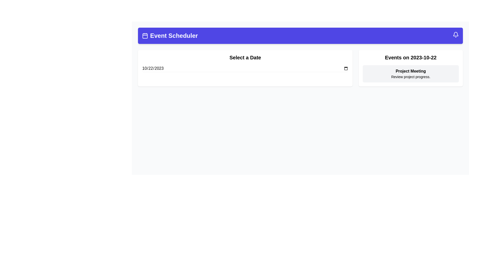 The height and width of the screenshot is (274, 487). Describe the element at coordinates (170, 36) in the screenshot. I see `text displayed on the Text Label that serves as the header for the event scheduling interface, located in the horizontal navigation bar with a purple background` at that location.